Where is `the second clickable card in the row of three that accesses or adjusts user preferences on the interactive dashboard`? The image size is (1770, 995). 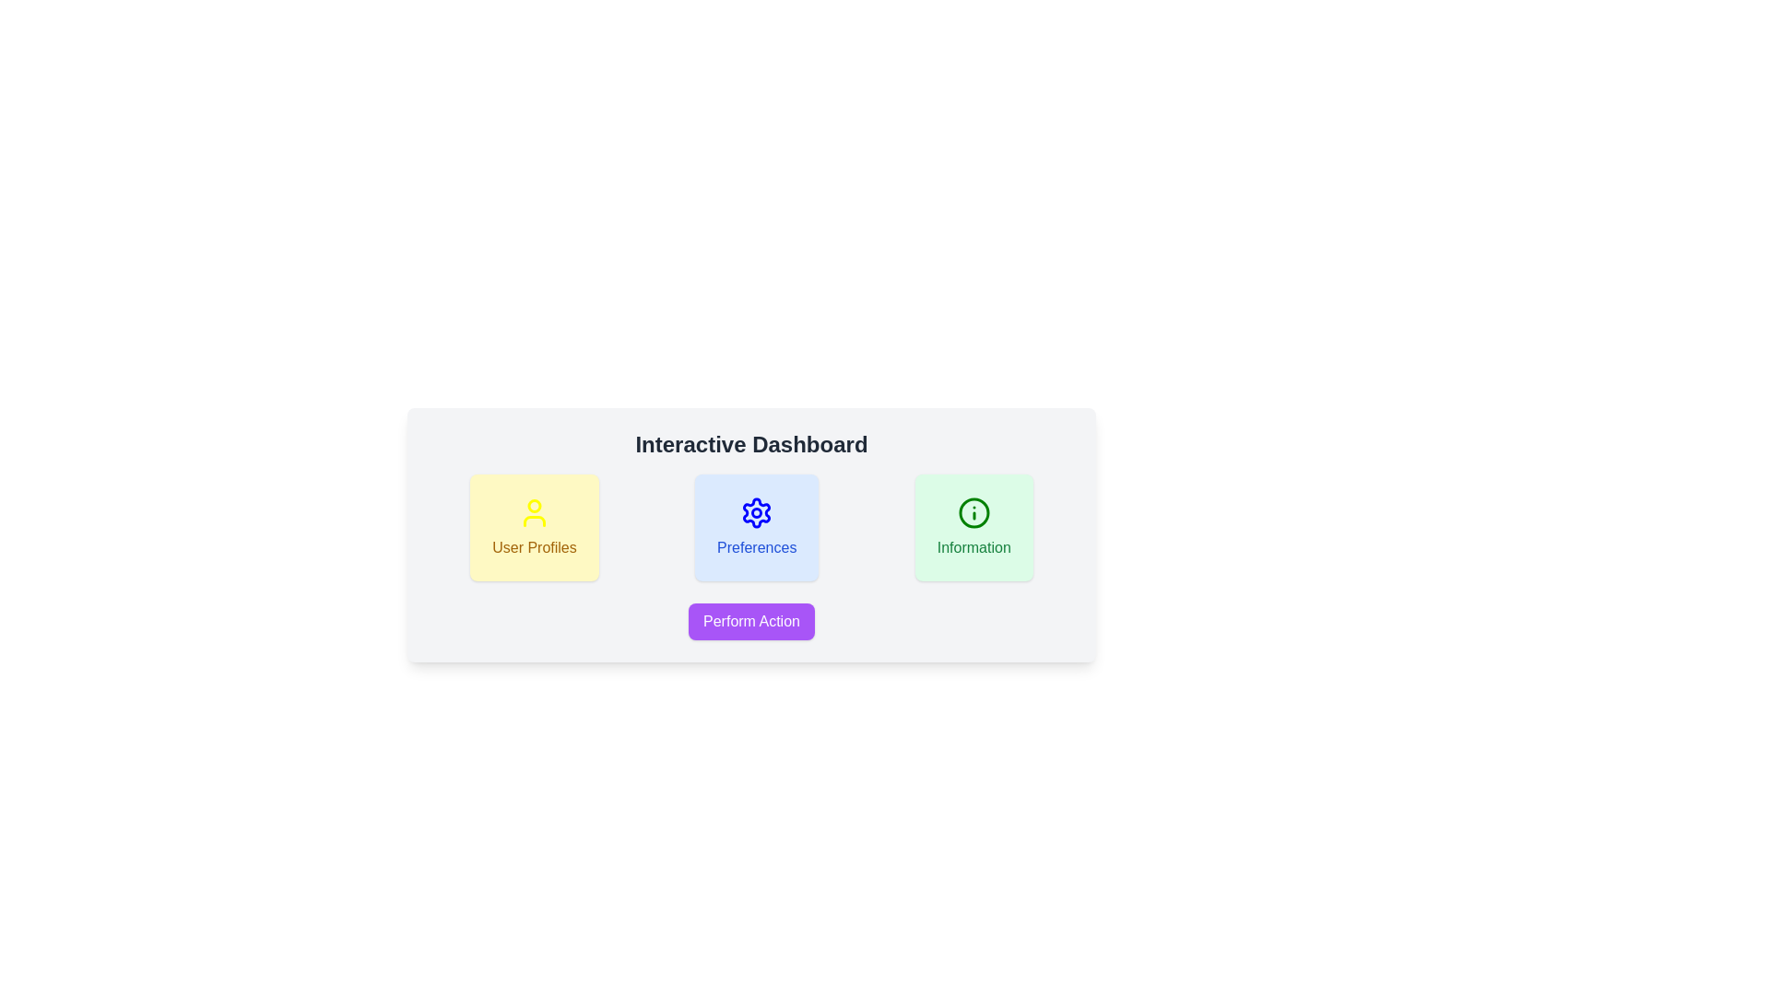 the second clickable card in the row of three that accesses or adjusts user preferences on the interactive dashboard is located at coordinates (757, 528).